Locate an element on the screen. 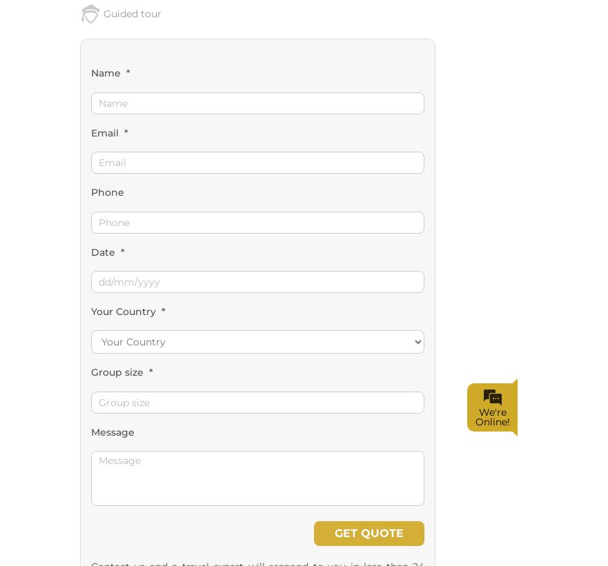 The image size is (608, 566). 'Full description' is located at coordinates (136, 370).